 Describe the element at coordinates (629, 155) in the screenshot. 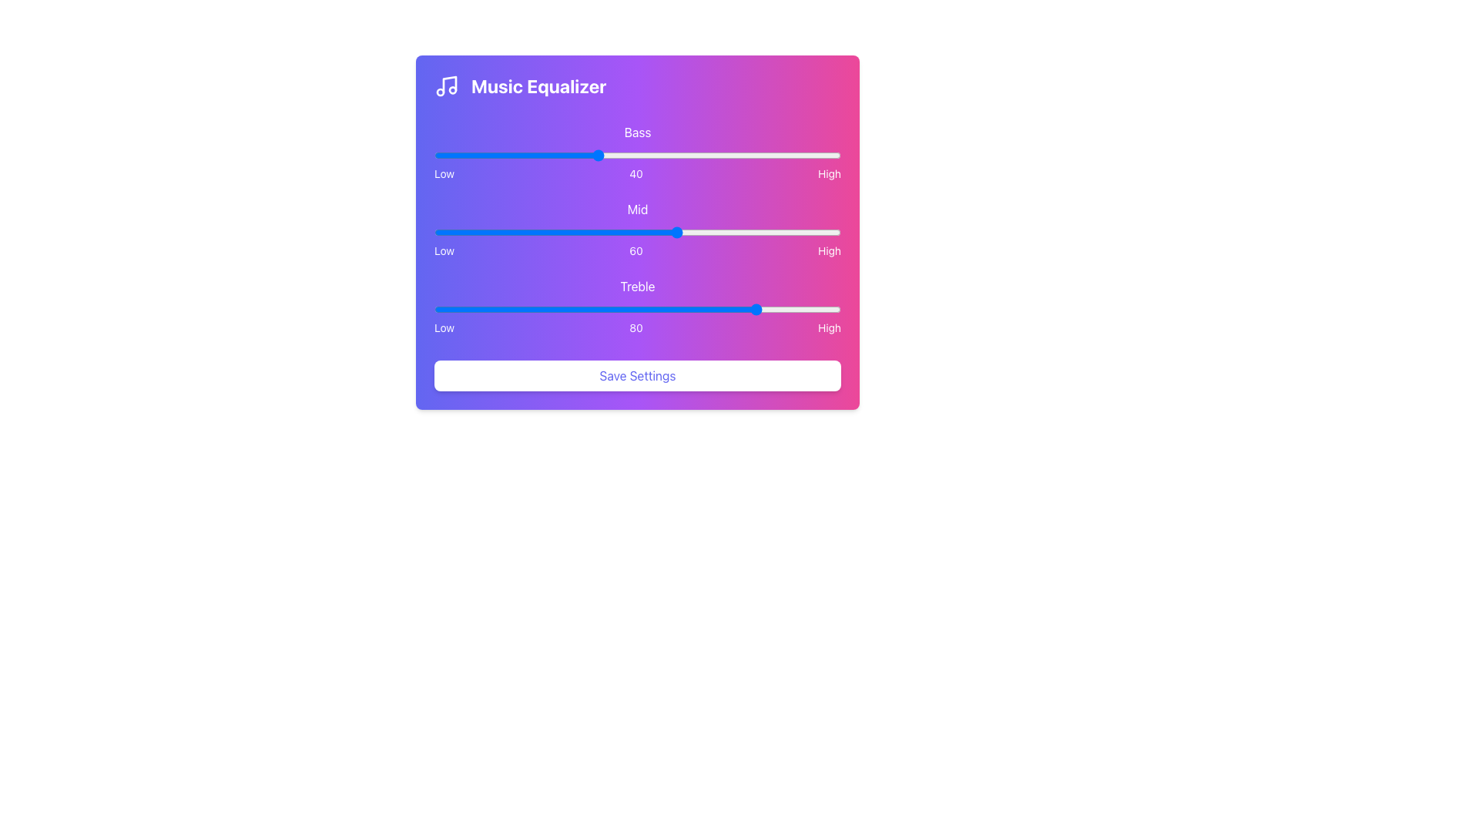

I see `the bass level` at that location.